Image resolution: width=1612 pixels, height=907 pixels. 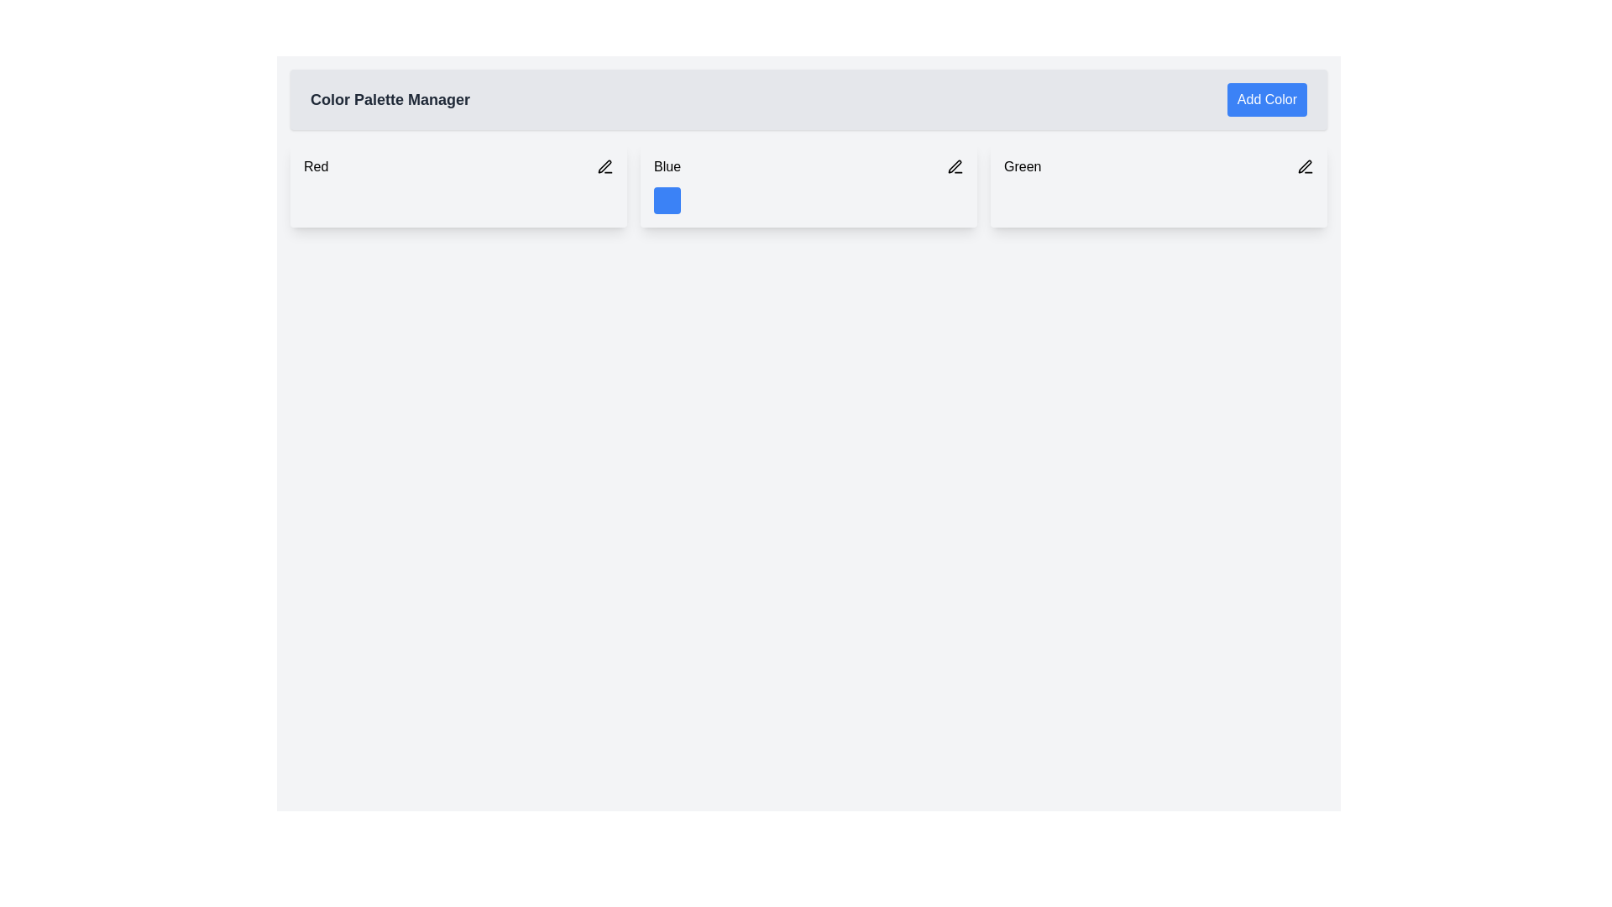 I want to click on the button located in the upper-right corner of the 'Color Palette Manager' gray bar, so click(x=1267, y=100).